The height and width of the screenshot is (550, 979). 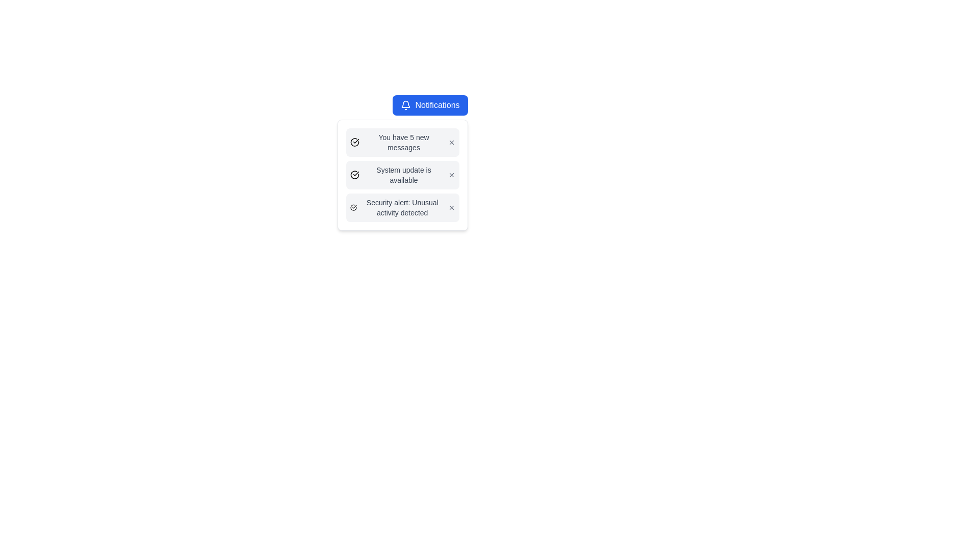 I want to click on the notification icon located in the top-left section of the 'Notifications' button for repositioning, so click(x=405, y=105).